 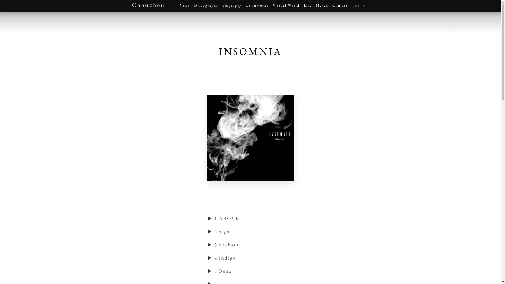 I want to click on 'Live', so click(x=308, y=6).